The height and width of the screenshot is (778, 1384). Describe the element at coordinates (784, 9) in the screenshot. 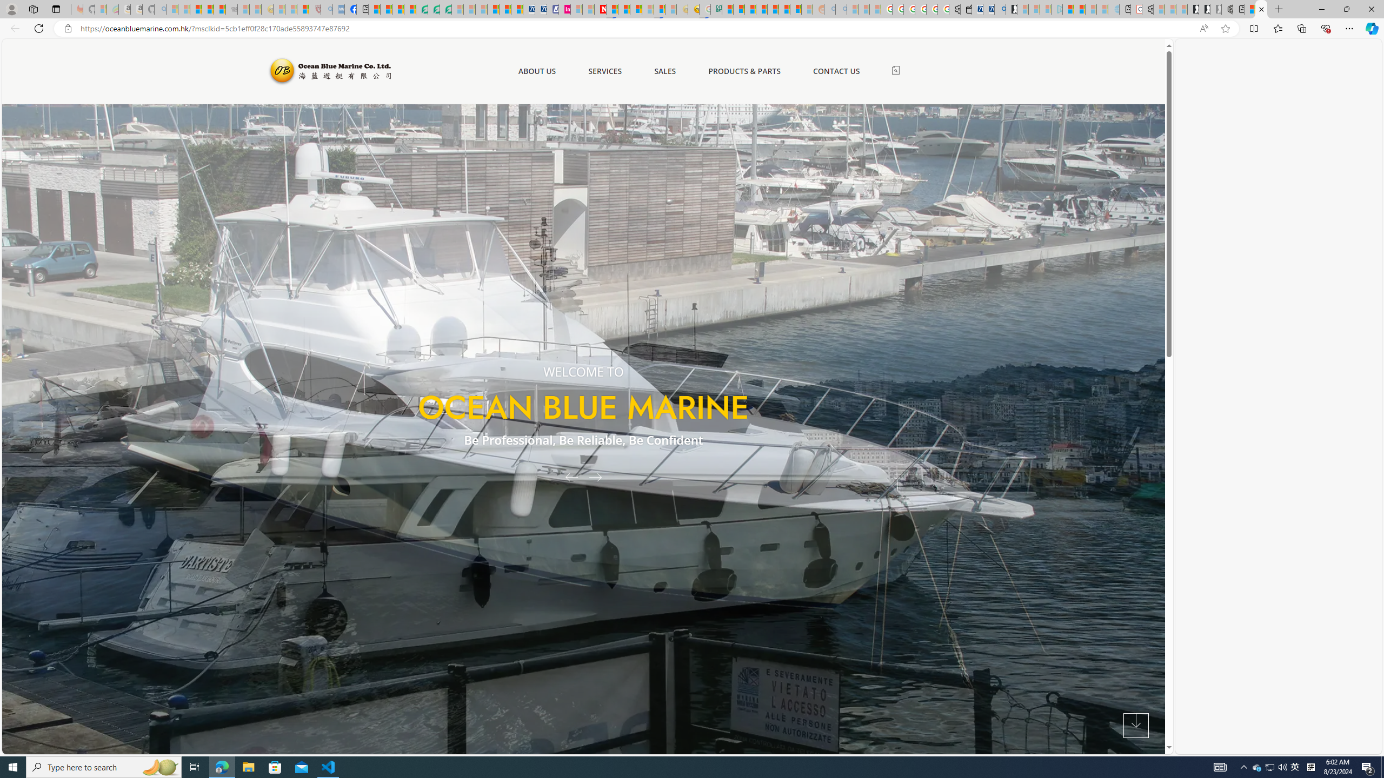

I see `'Kinda Frugal - MSN'` at that location.